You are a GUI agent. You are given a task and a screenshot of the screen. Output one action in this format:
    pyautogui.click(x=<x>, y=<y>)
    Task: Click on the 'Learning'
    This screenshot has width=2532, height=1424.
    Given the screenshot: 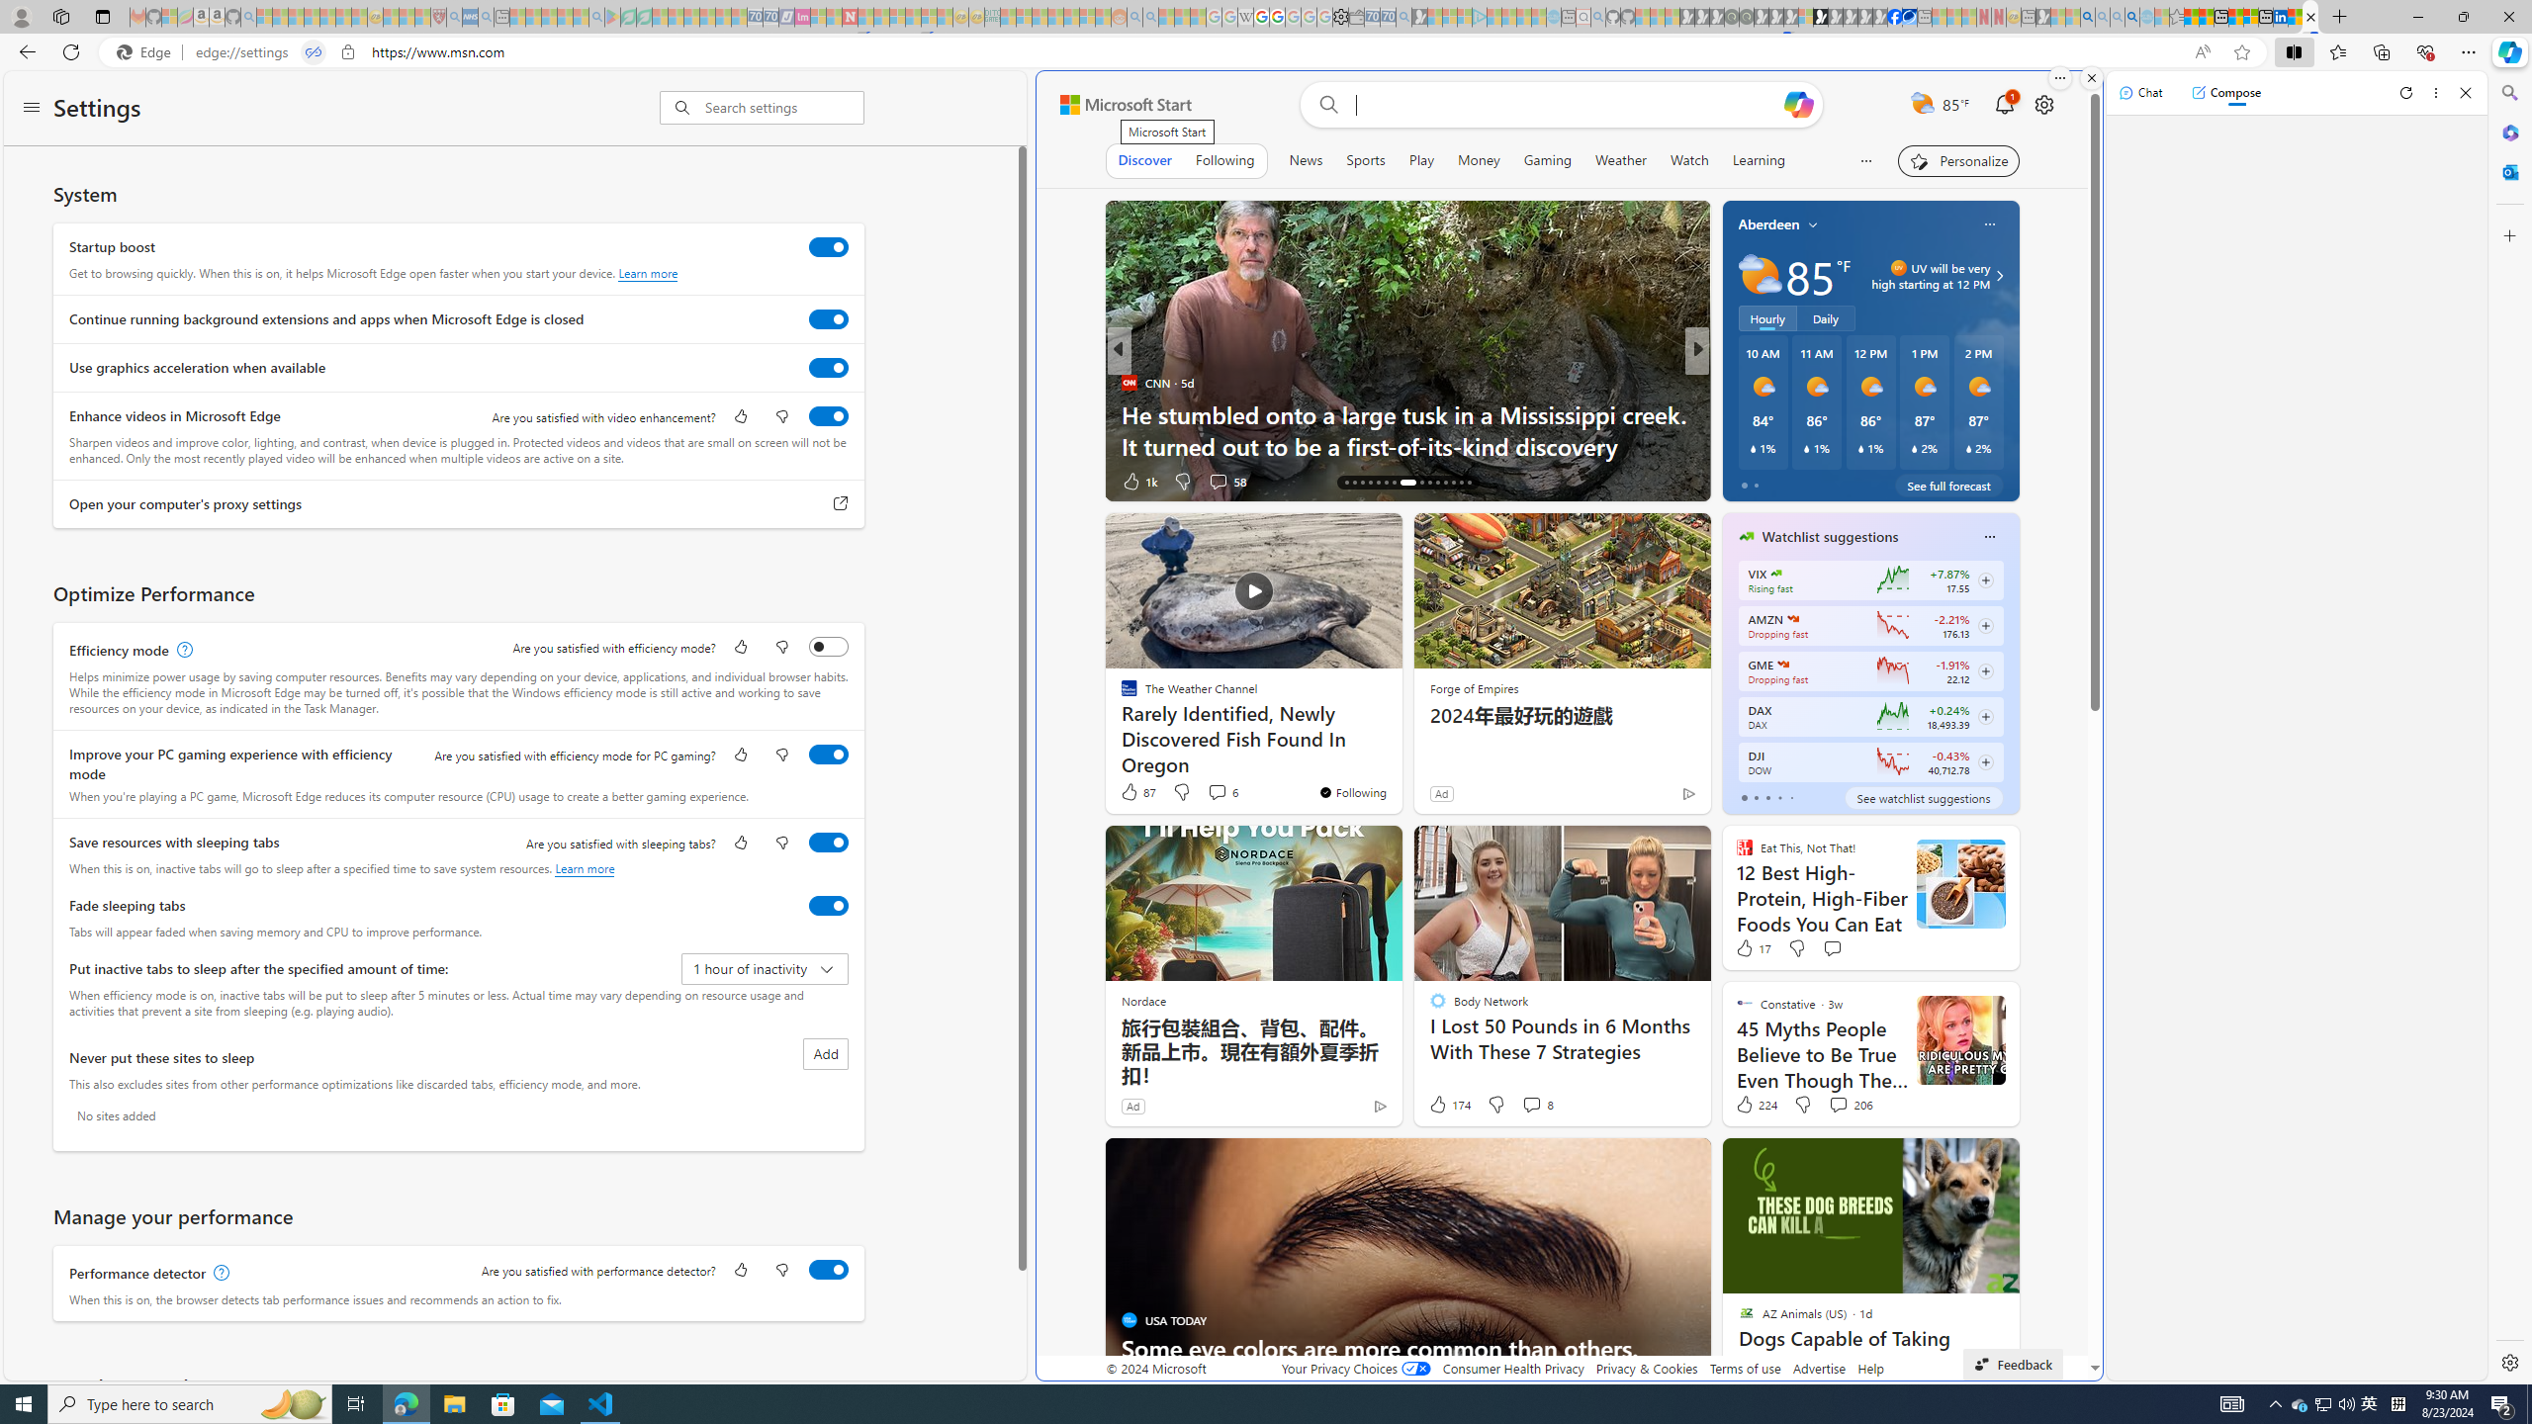 What is the action you would take?
    pyautogui.click(x=1758, y=159)
    